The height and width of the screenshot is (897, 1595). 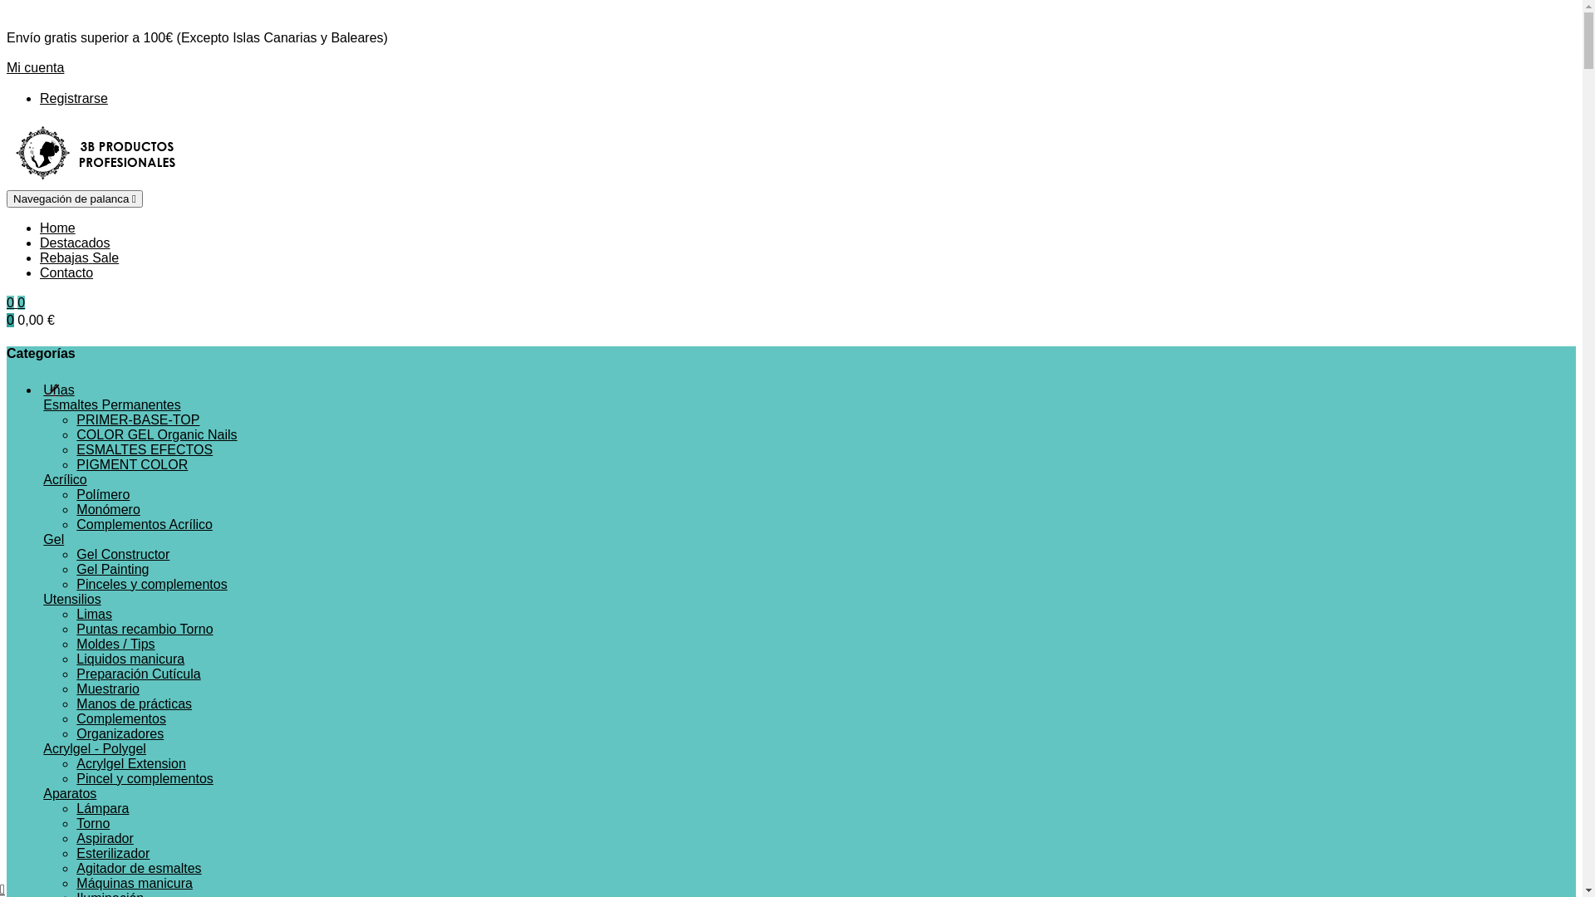 I want to click on 'Aparatos', so click(x=68, y=792).